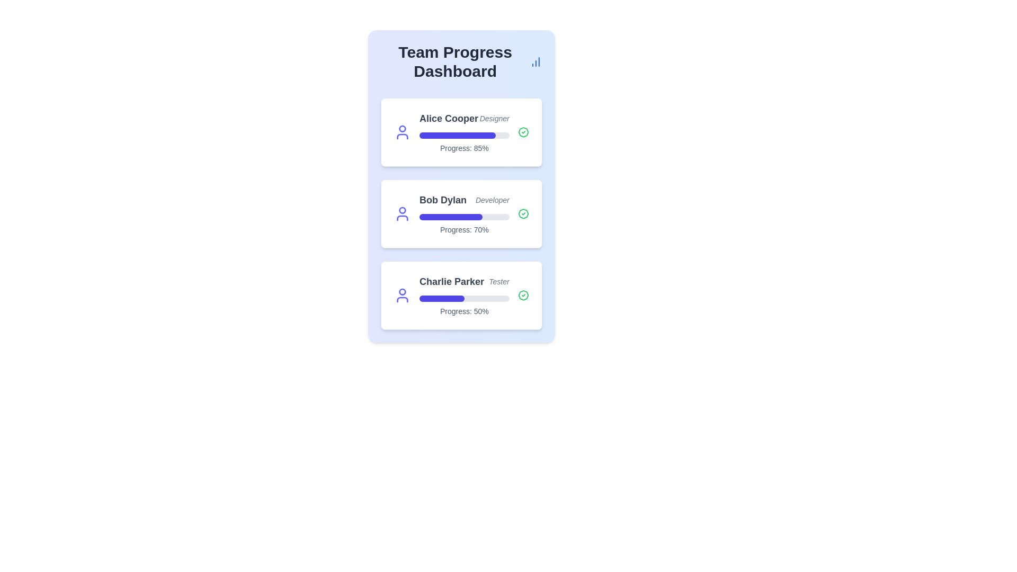  I want to click on the user information card displaying 'Charlie Parker', which is the third card in the vertical list of user cards in the dashboard, so click(461, 296).